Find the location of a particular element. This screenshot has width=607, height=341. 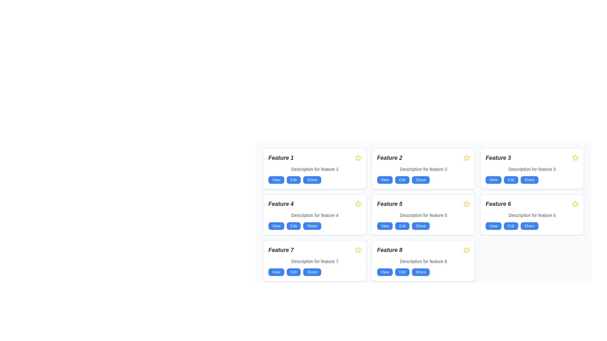

the 'Share' button located below the card titled 'Feature 1' in the first row of a grid layout is located at coordinates (312, 180).